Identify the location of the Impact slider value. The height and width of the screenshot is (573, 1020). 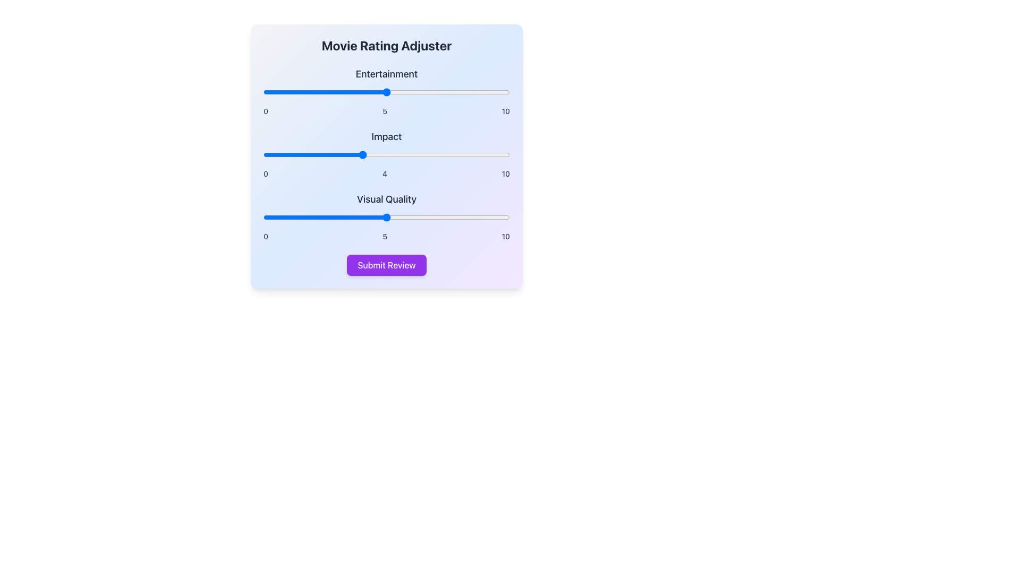
(436, 155).